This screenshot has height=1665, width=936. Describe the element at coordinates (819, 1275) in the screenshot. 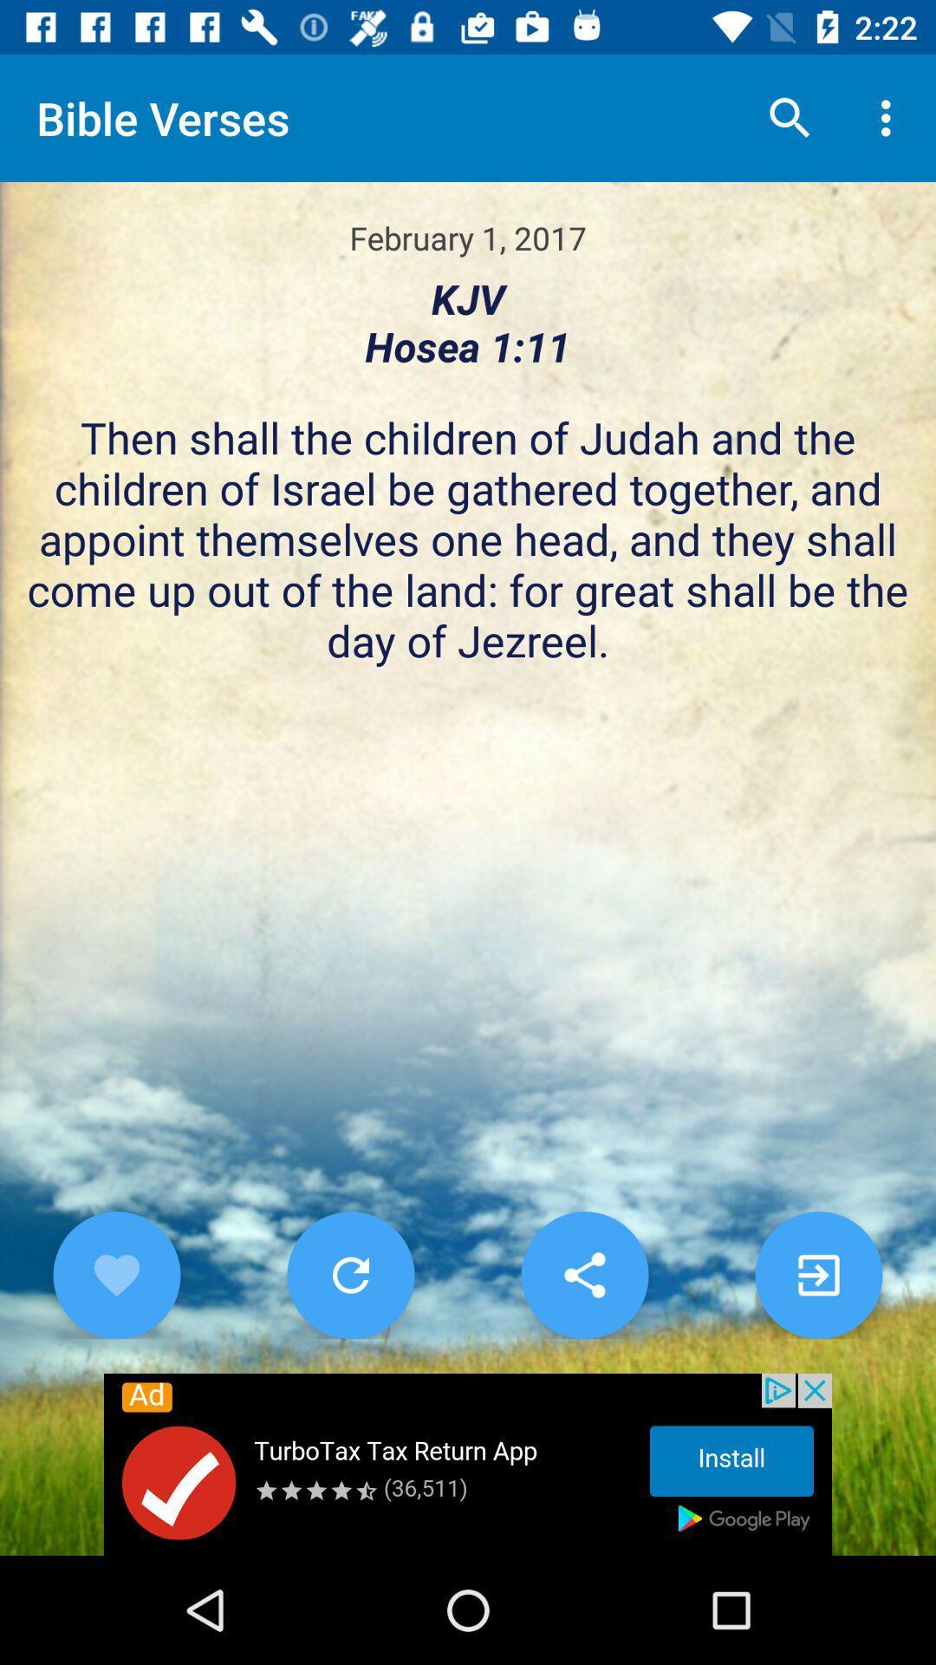

I see `post` at that location.